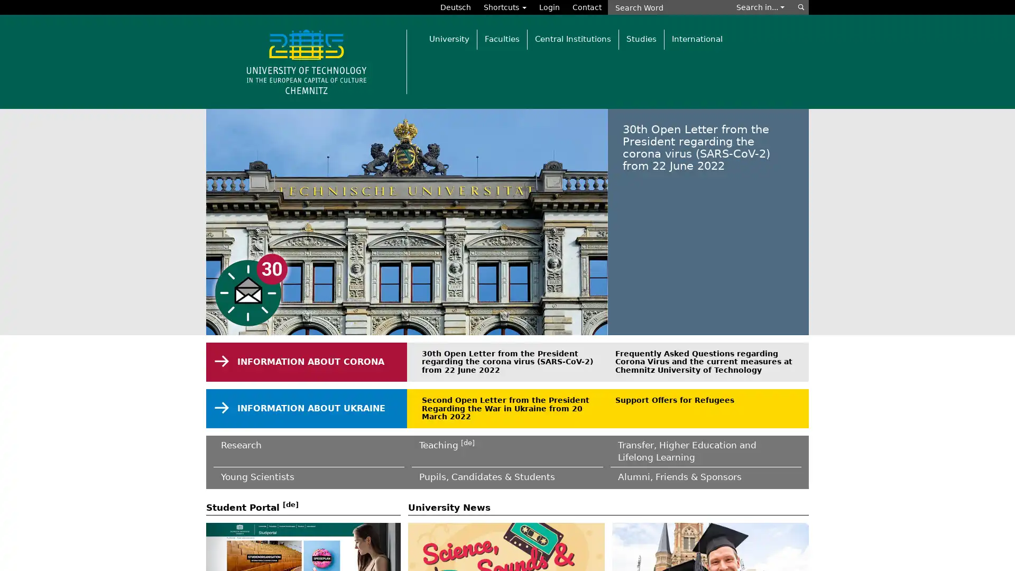 The image size is (1015, 571). What do you see at coordinates (501, 39) in the screenshot?
I see `Faculties` at bounding box center [501, 39].